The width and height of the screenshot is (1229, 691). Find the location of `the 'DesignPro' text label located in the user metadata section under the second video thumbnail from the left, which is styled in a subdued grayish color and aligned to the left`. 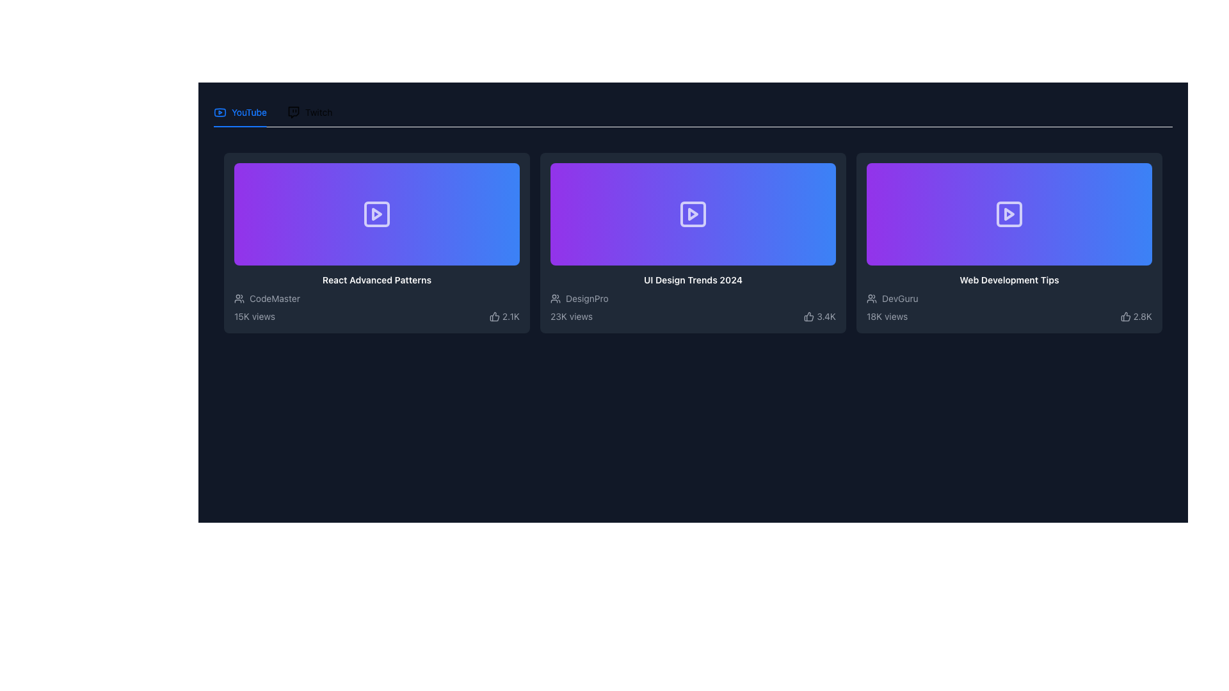

the 'DesignPro' text label located in the user metadata section under the second video thumbnail from the left, which is styled in a subdued grayish color and aligned to the left is located at coordinates (586, 298).